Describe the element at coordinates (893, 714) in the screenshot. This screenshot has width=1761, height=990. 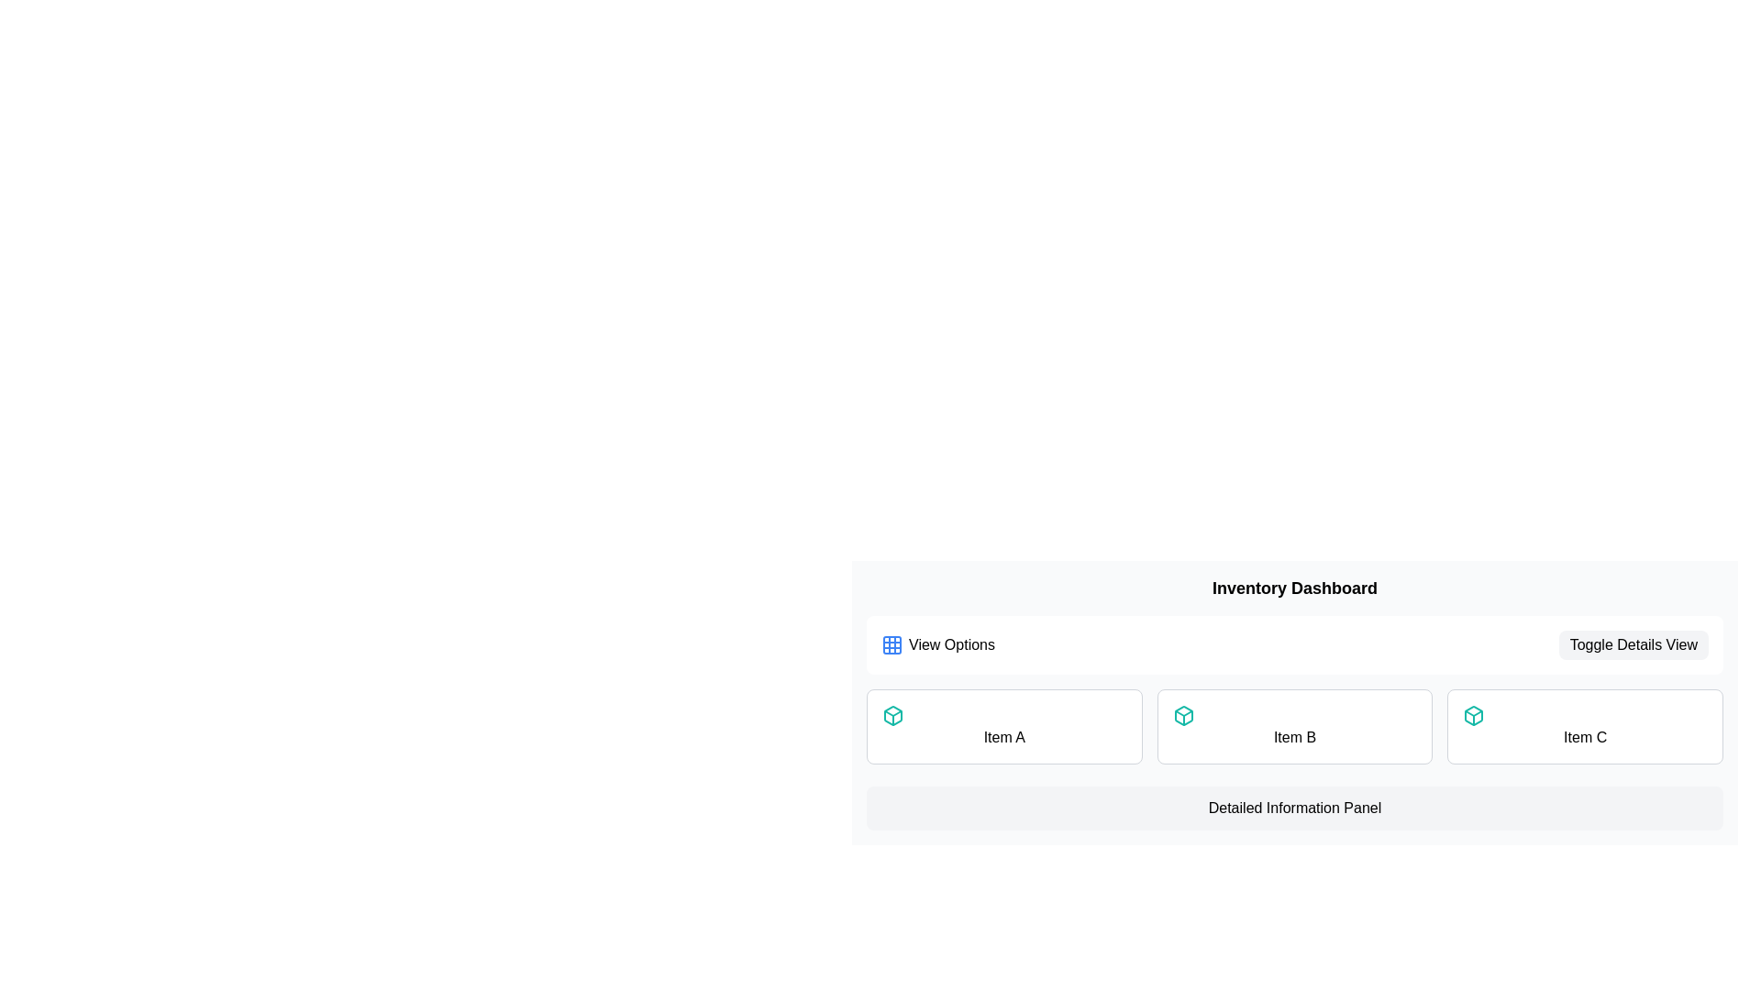
I see `the icon representing 'Item A', which is the first in a set of three icons arranged horizontally beneath the text label 'Item A' on the main dashboard interface` at that location.